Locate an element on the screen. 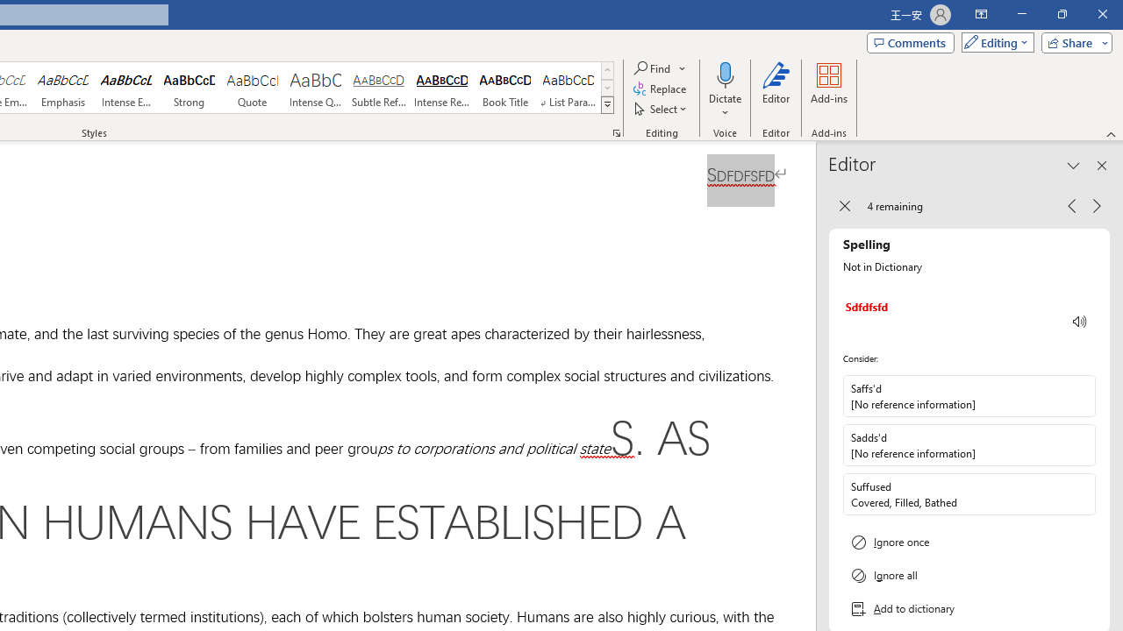 The image size is (1123, 631). 'Book Title' is located at coordinates (504, 88).